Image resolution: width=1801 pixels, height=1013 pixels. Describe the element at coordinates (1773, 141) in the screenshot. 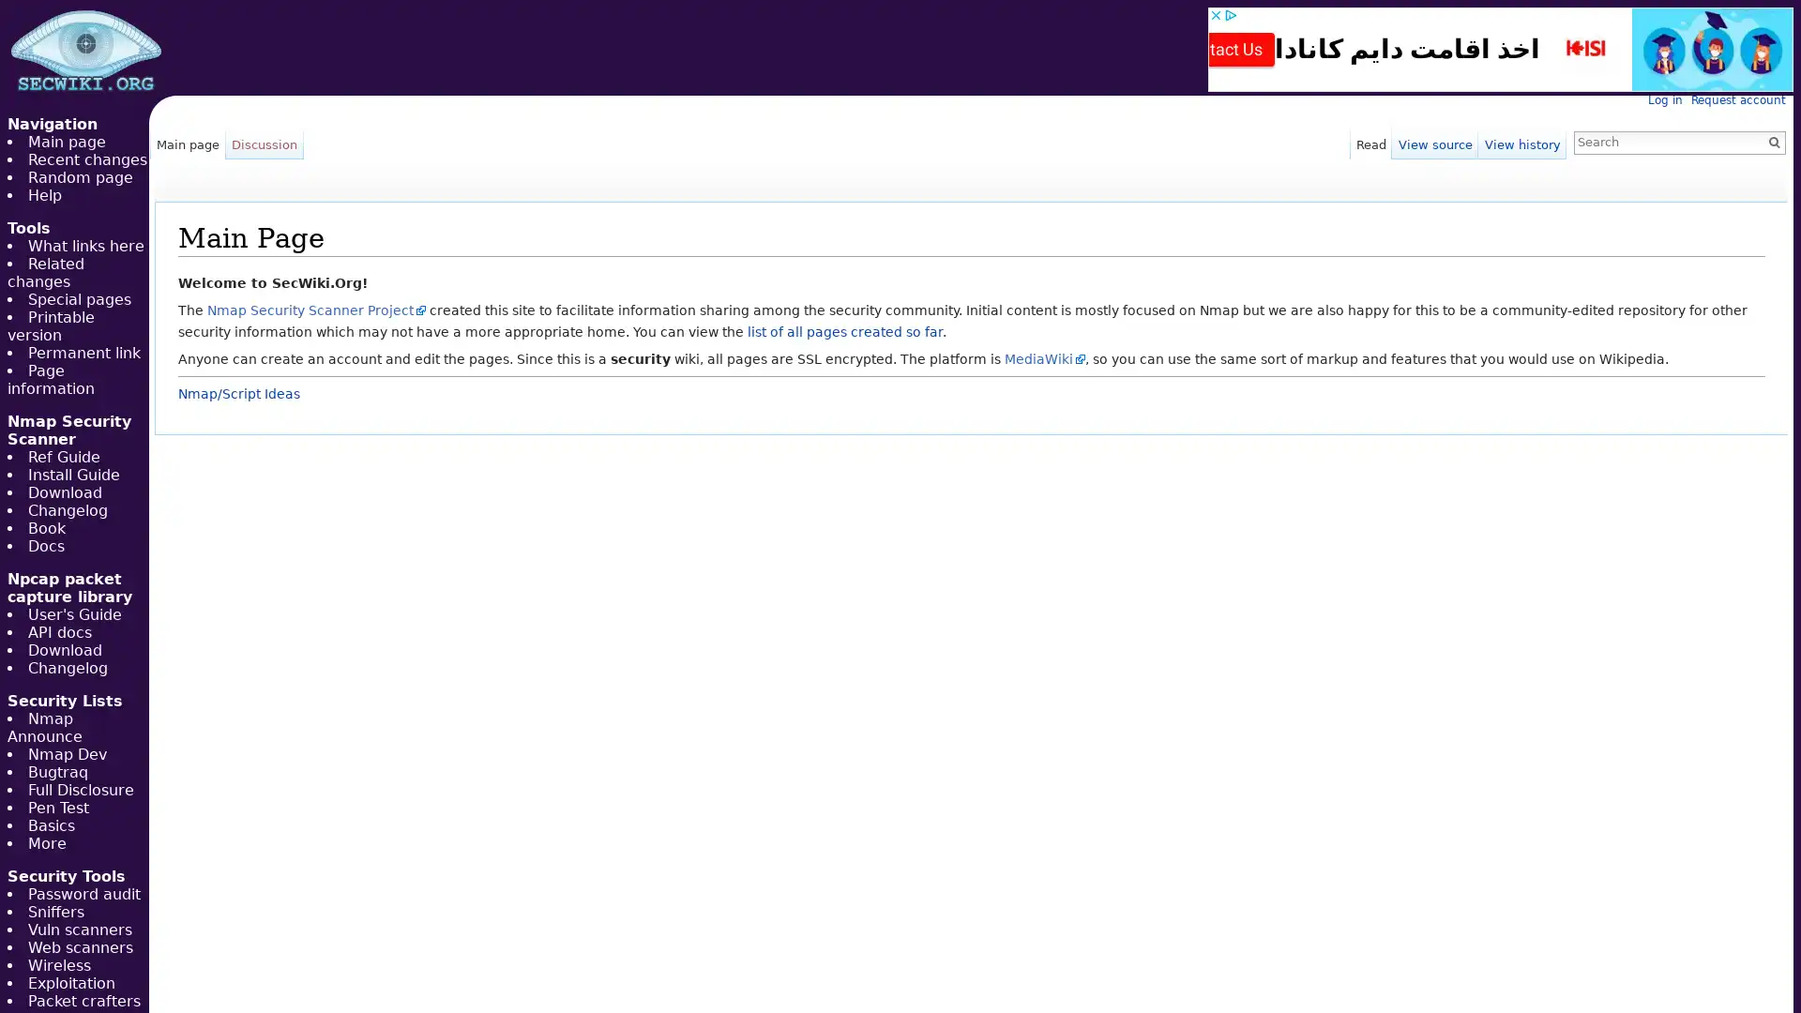

I see `Go` at that location.